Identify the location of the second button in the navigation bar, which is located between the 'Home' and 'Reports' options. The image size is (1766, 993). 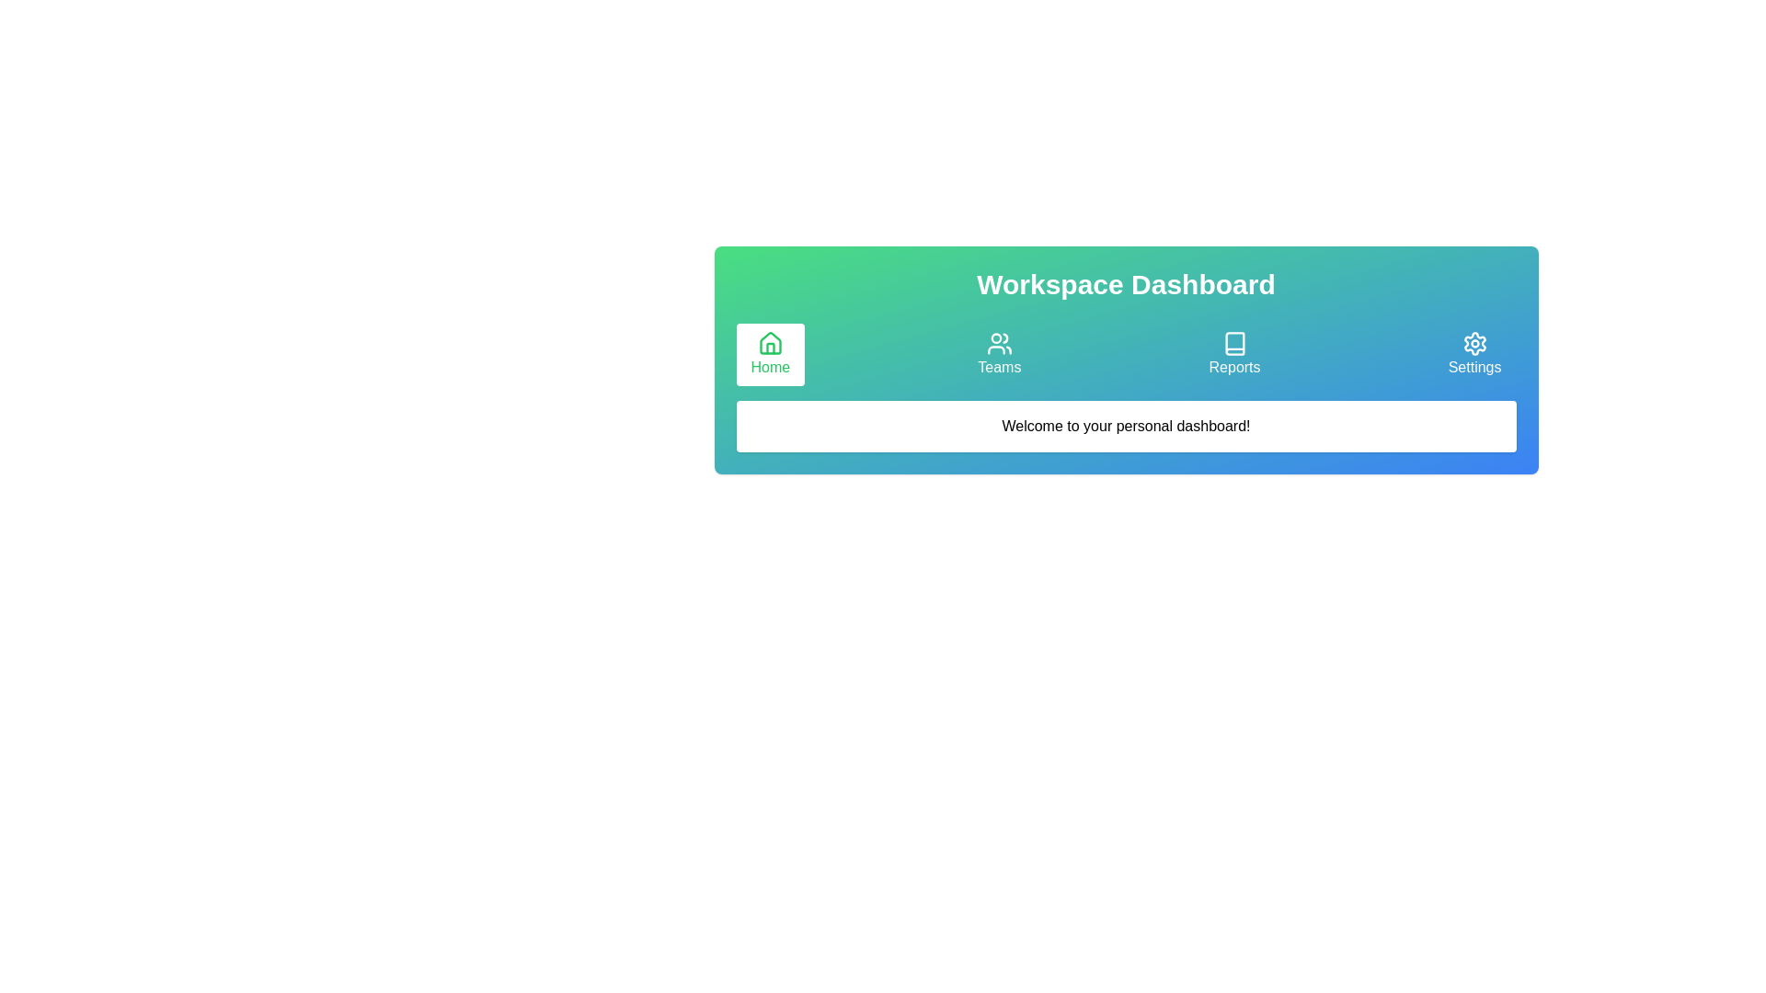
(998, 354).